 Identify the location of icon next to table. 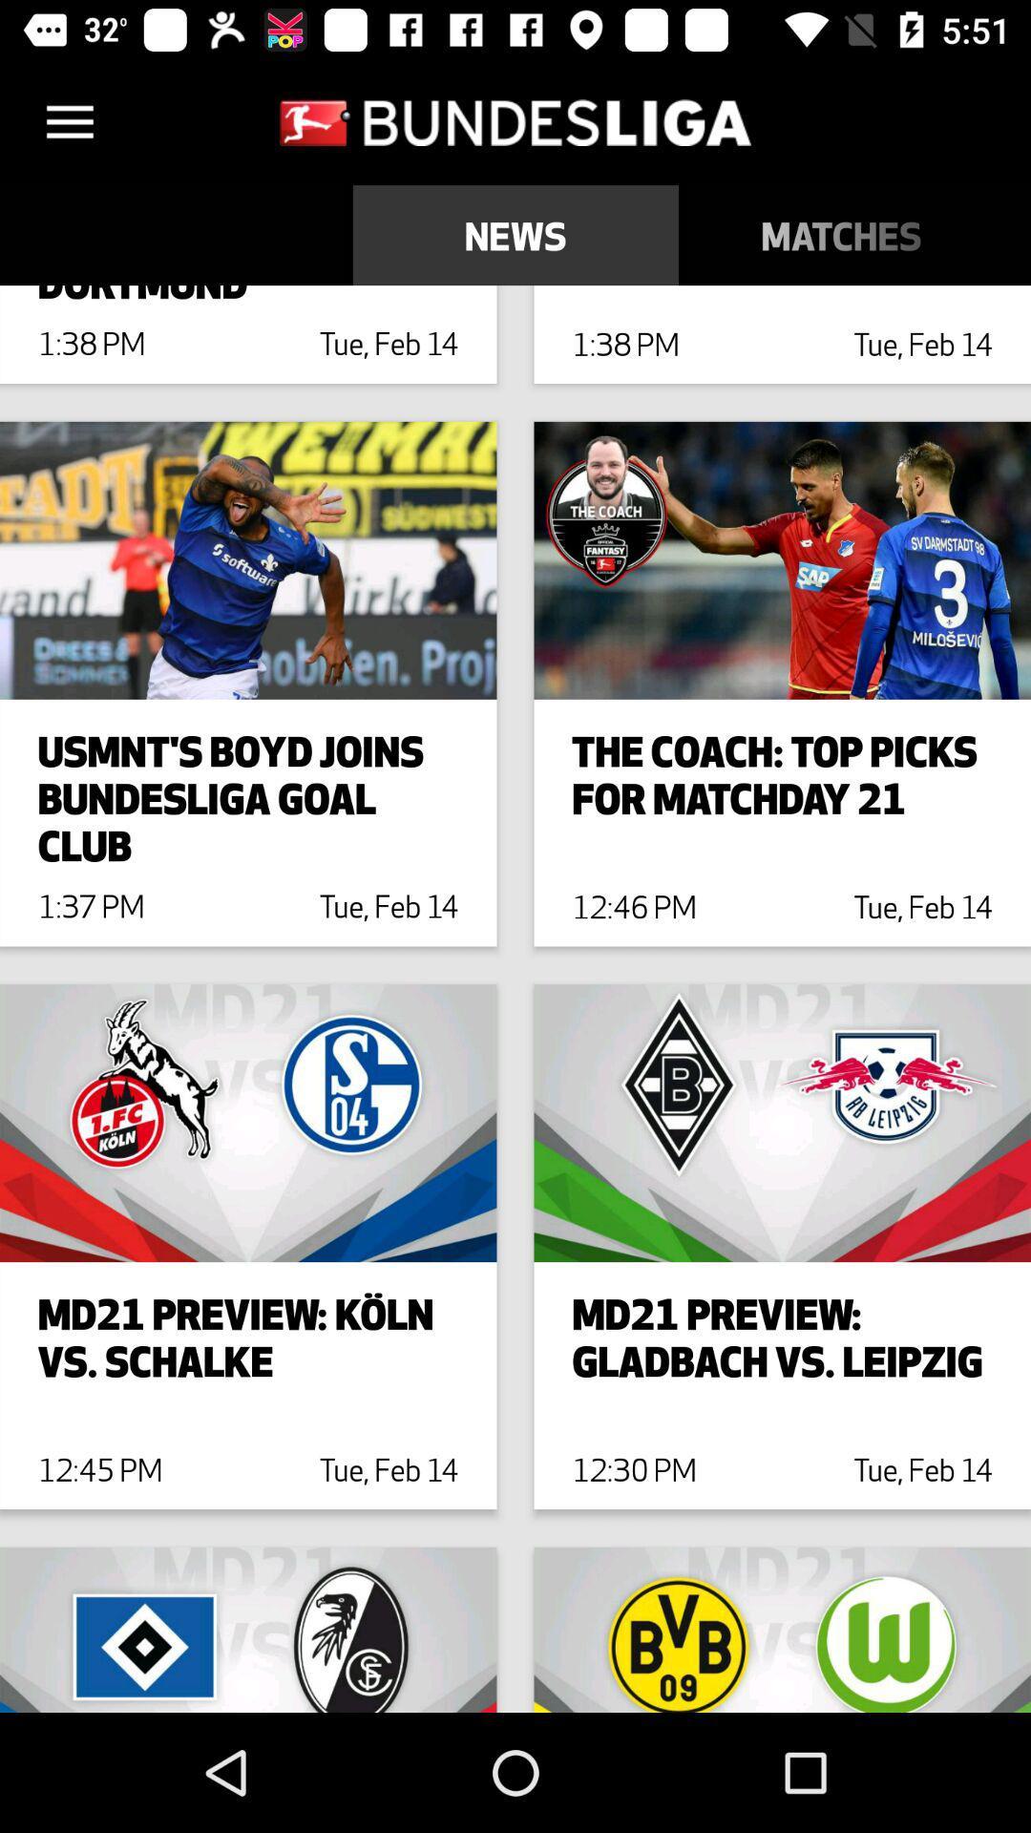
(840, 234).